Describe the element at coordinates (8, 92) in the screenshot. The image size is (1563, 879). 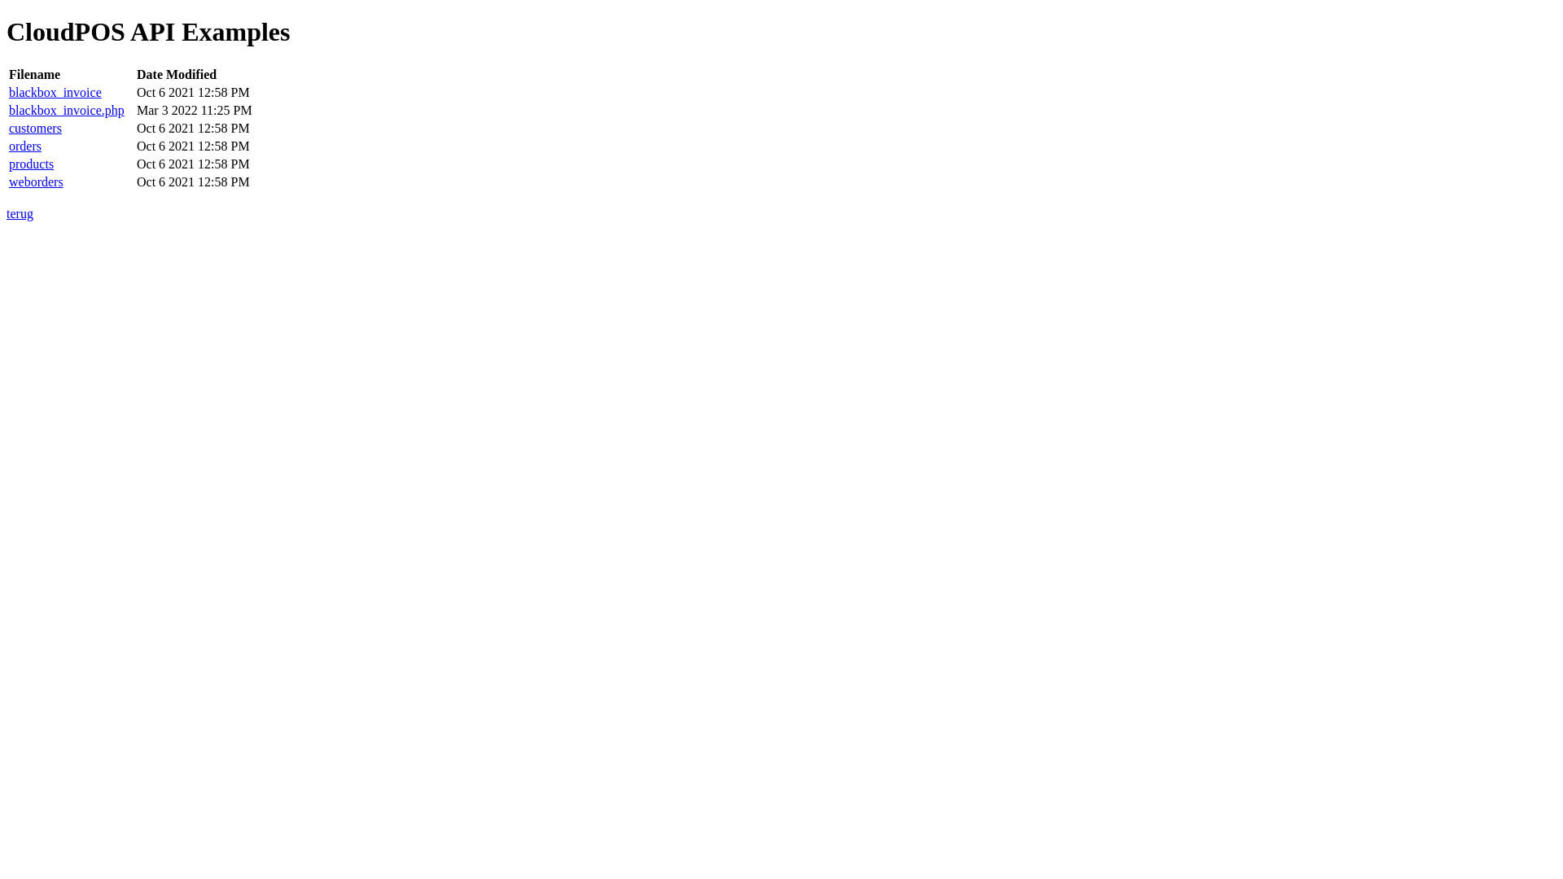
I see `'blackbox_invoice'` at that location.